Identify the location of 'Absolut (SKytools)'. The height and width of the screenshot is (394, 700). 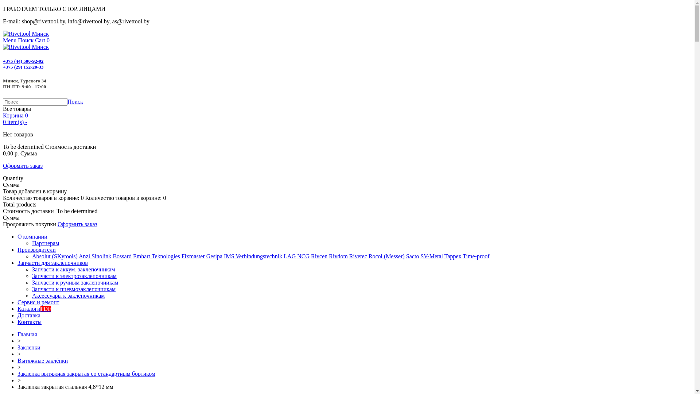
(54, 256).